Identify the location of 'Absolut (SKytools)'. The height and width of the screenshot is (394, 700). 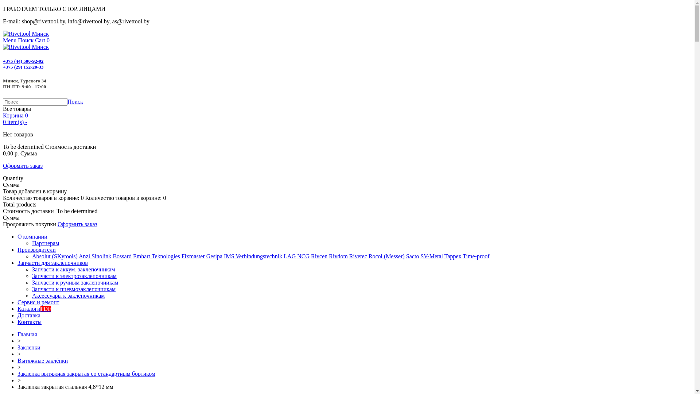
(54, 256).